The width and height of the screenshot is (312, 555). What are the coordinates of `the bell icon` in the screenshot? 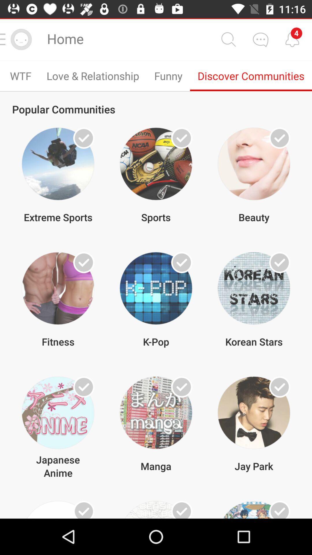 It's located at (292, 39).